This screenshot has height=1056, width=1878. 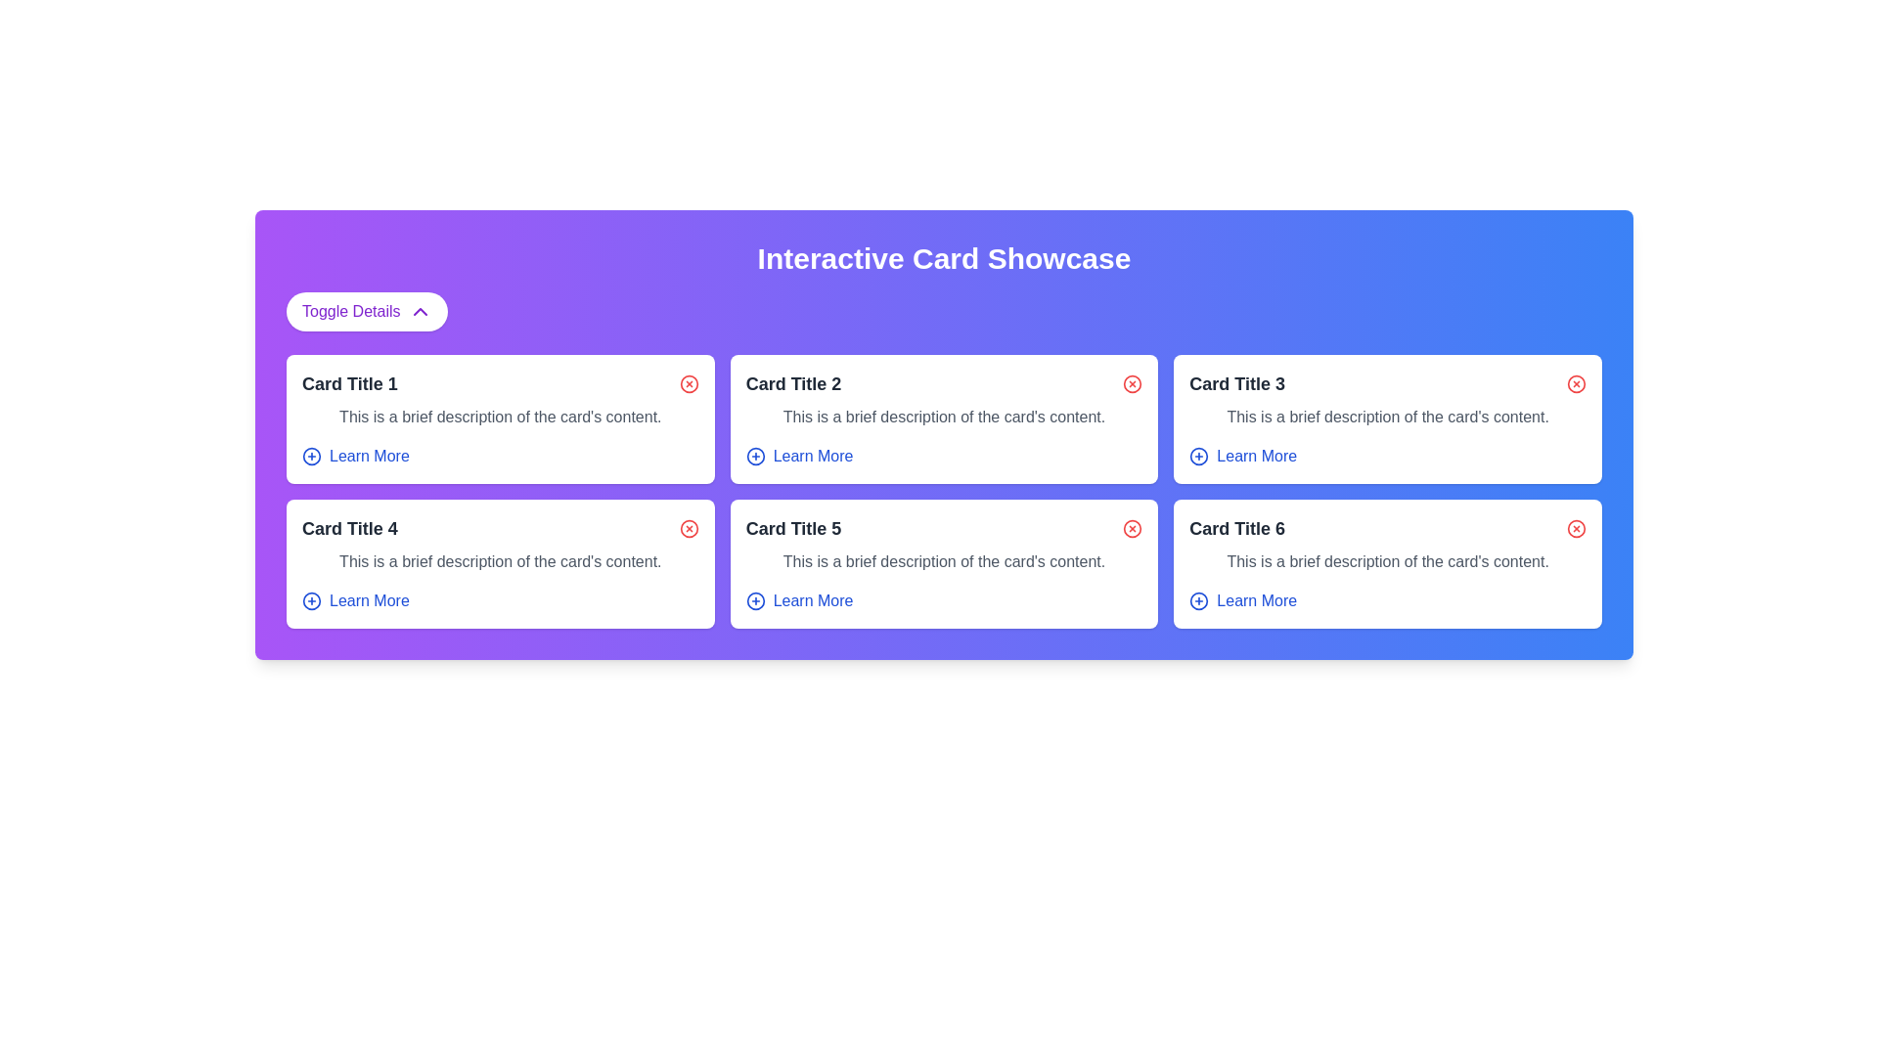 I want to click on the first card in the grid layout, which has a light background and contains the title 'Card Title 1', to change its background color to light purple, so click(x=500, y=418).